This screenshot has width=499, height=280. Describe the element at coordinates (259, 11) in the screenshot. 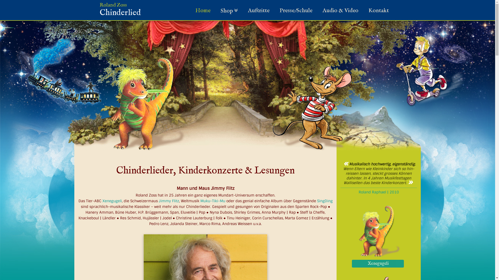

I see `'Auftritte'` at that location.